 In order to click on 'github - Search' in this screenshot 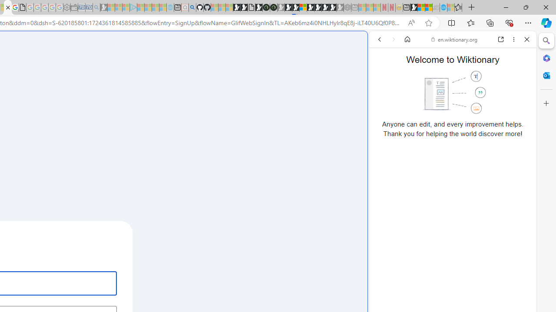, I will do `click(192, 7)`.